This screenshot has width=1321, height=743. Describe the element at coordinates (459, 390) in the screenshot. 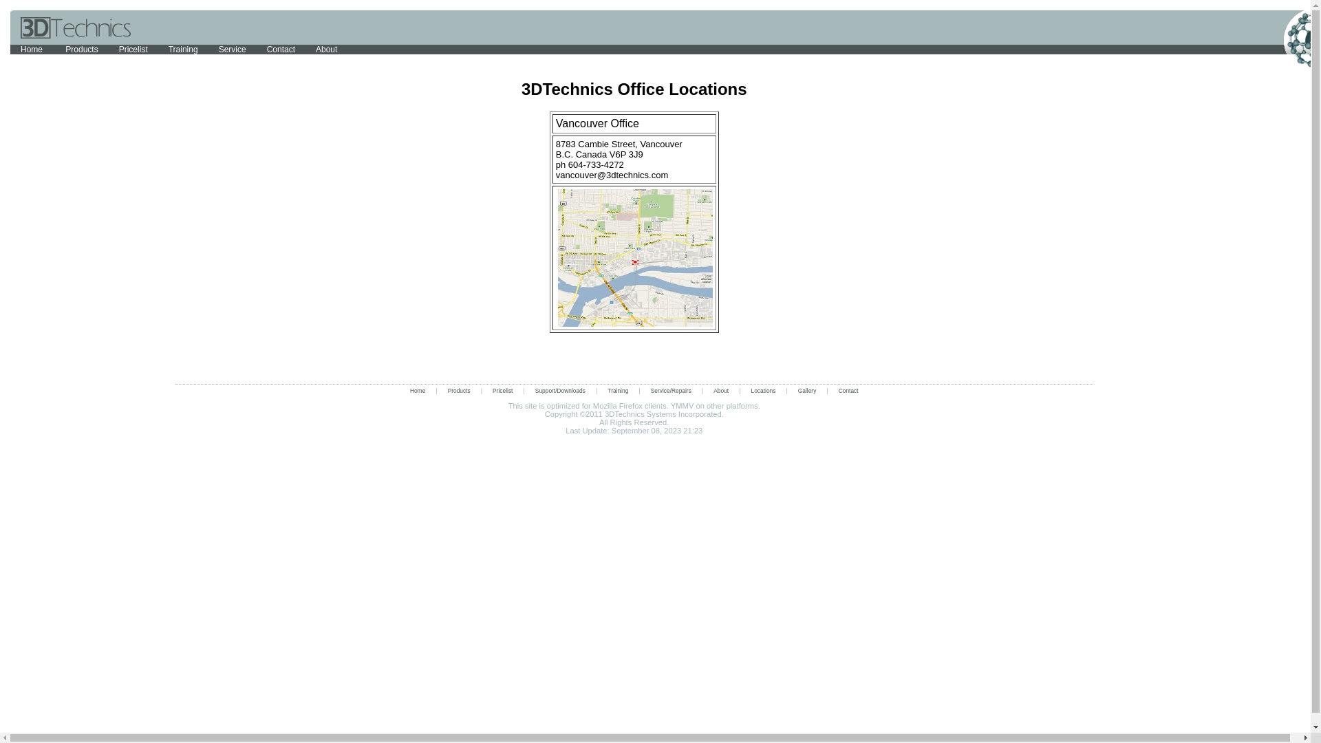

I see `'Products'` at that location.